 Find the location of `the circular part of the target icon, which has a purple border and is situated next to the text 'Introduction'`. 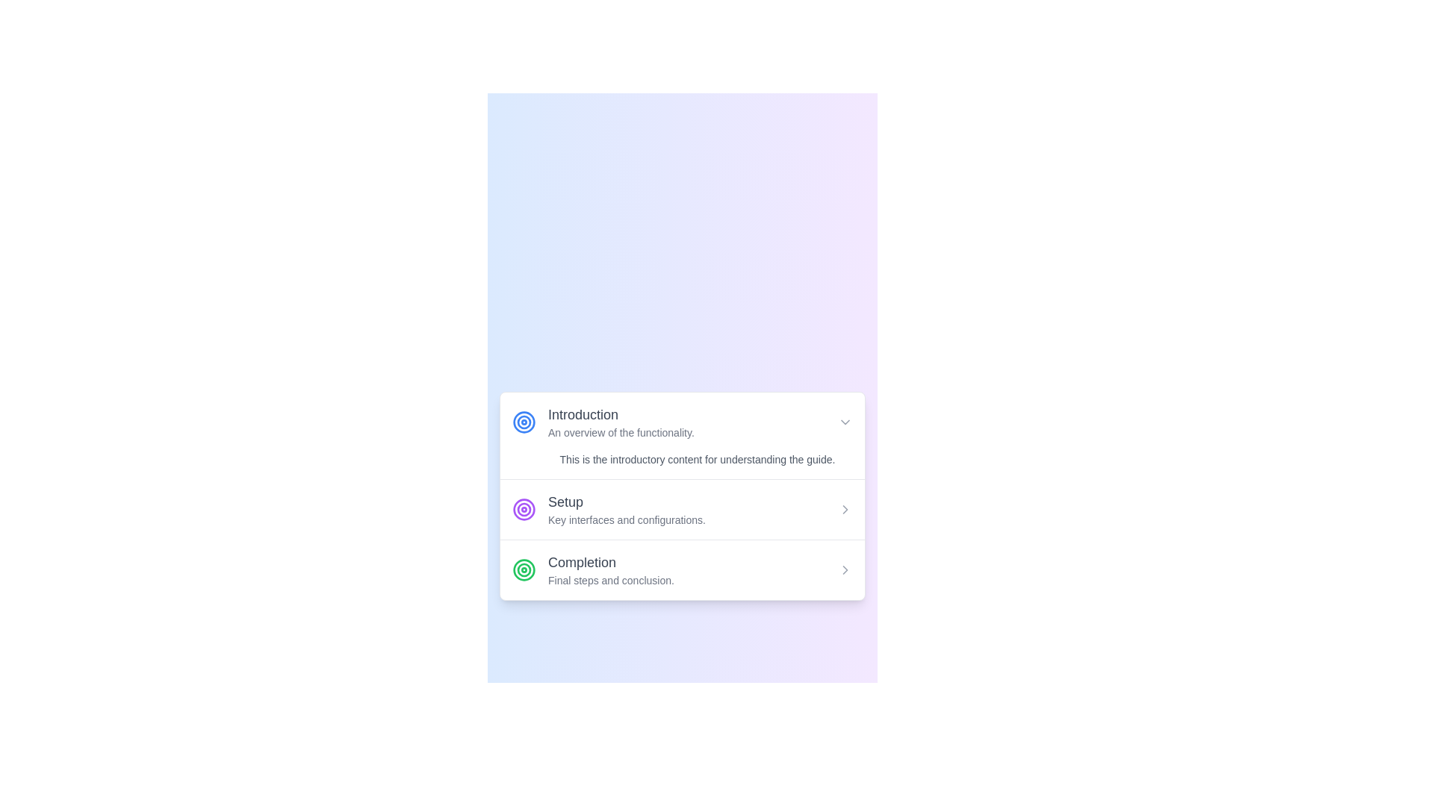

the circular part of the target icon, which has a purple border and is situated next to the text 'Introduction' is located at coordinates (524, 508).